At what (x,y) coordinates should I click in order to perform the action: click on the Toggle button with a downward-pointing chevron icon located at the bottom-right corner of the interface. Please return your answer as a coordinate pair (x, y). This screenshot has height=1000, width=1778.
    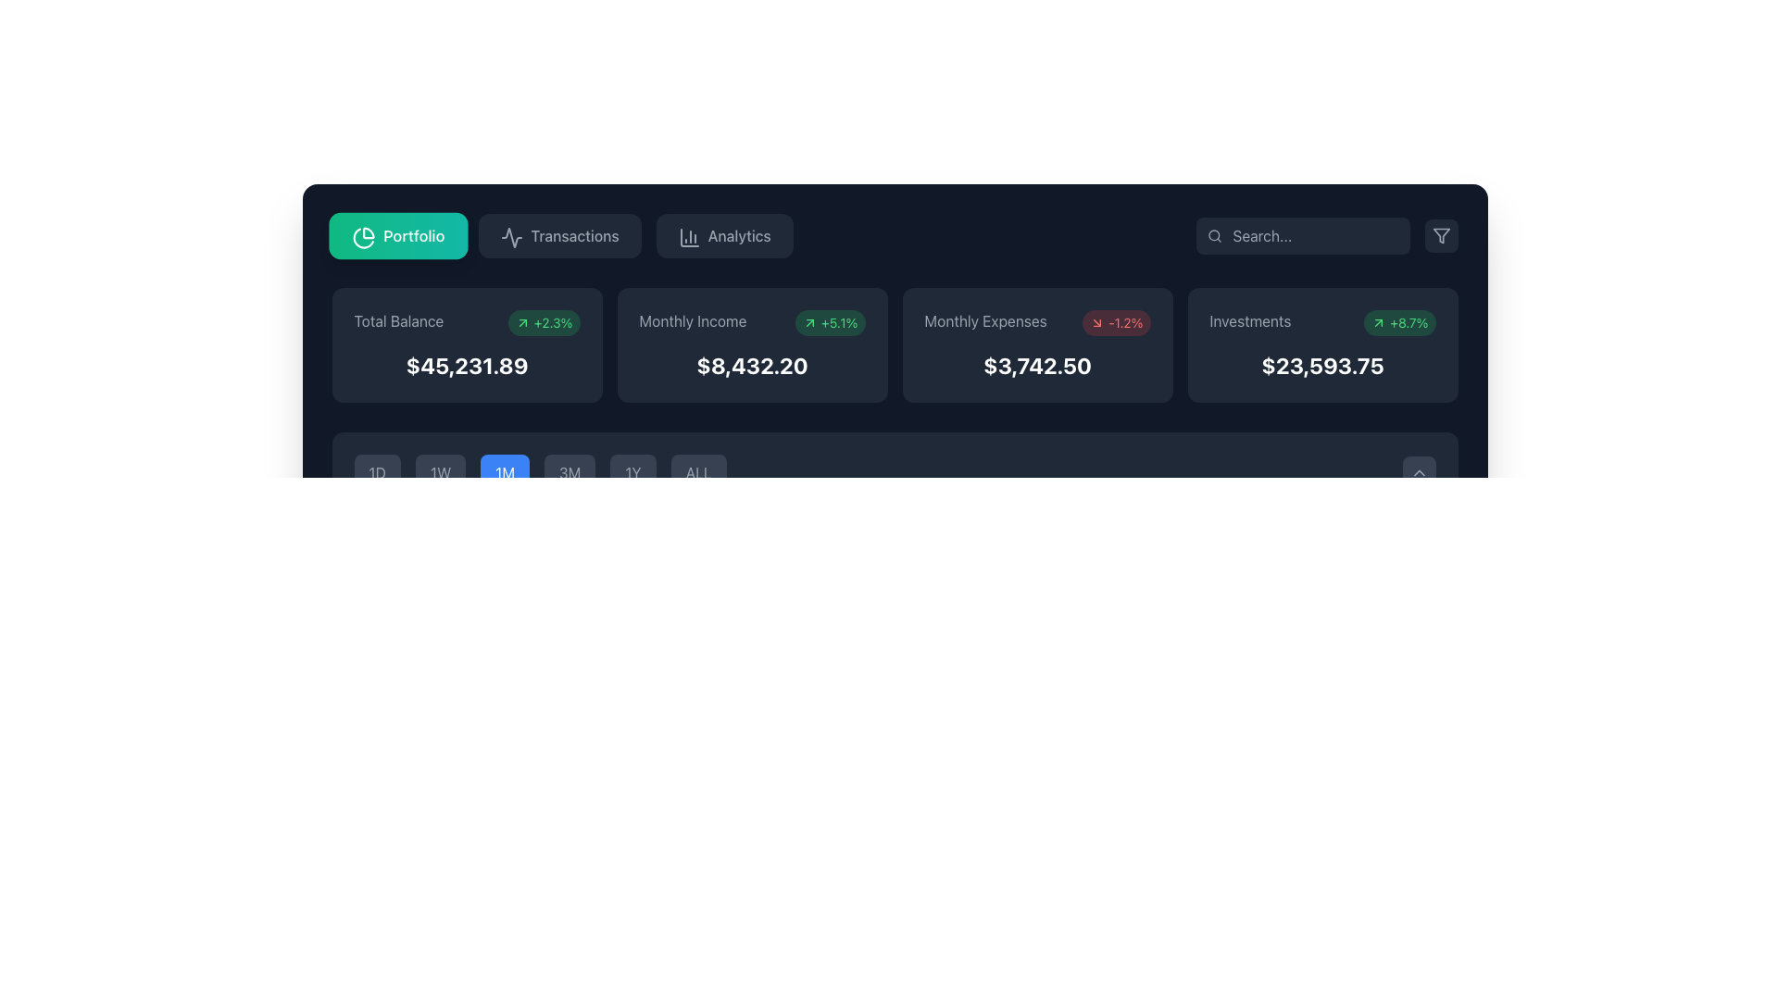
    Looking at the image, I should click on (1418, 471).